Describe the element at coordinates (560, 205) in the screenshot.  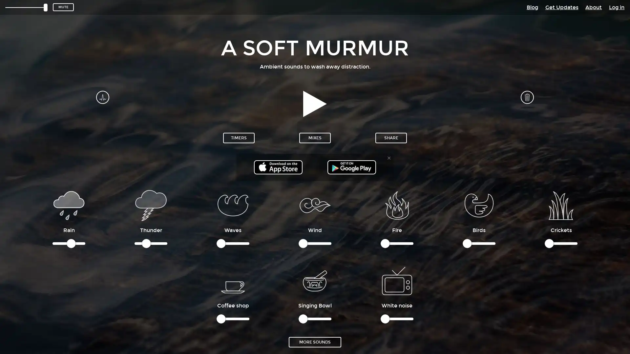
I see `Loading icon` at that location.